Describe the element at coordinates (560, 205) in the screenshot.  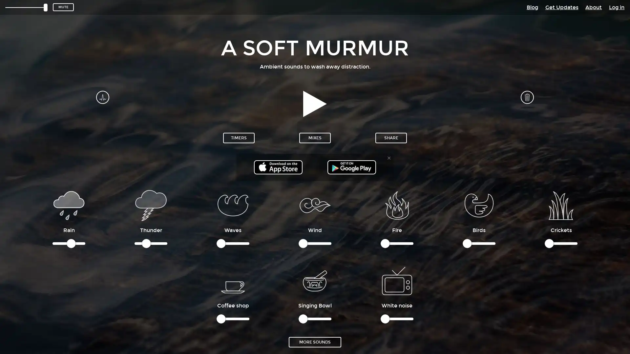
I see `Loading icon` at that location.